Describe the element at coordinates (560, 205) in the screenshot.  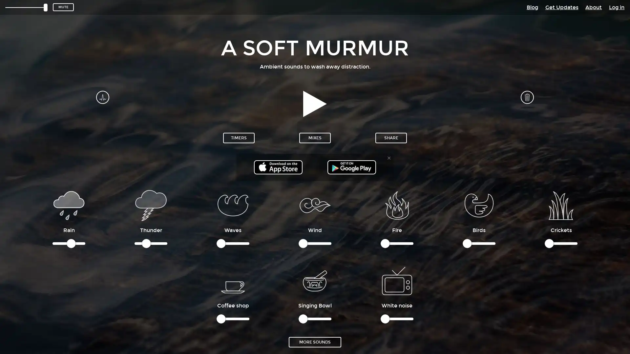
I see `Loading icon` at that location.